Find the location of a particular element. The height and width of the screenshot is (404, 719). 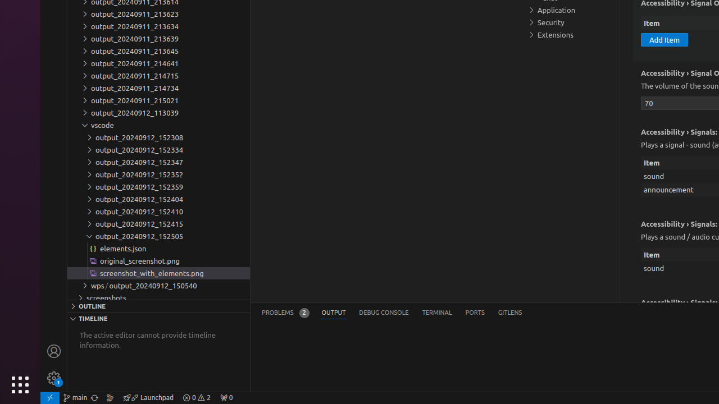

'output_20240912_152410' is located at coordinates (158, 211).